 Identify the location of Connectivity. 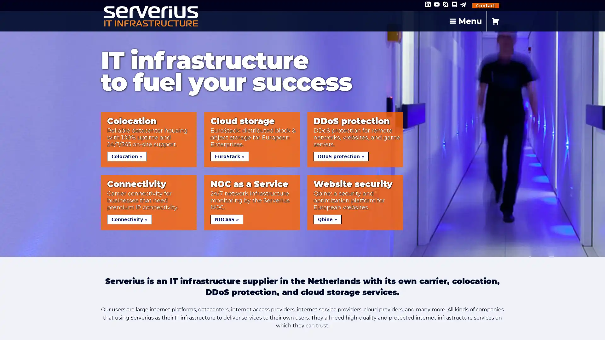
(129, 218).